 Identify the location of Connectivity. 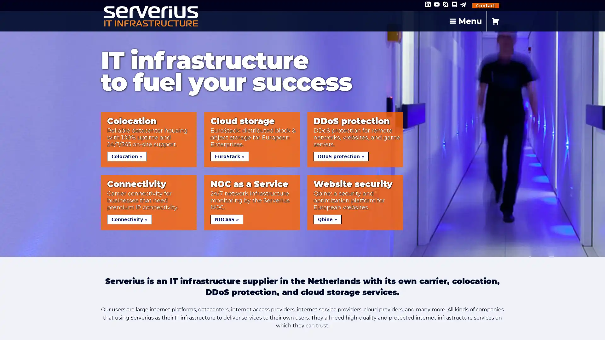
(129, 218).